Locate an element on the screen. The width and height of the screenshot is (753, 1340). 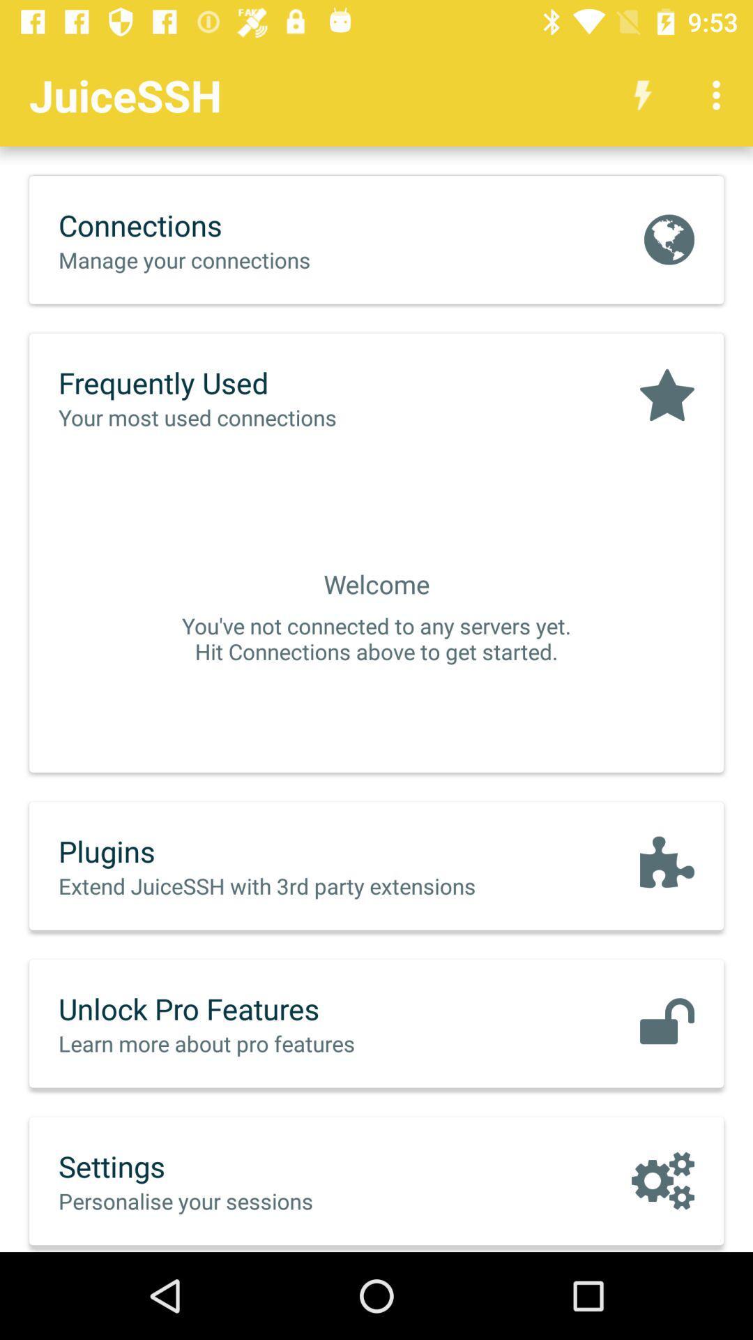
the item below plugins icon is located at coordinates (296, 885).